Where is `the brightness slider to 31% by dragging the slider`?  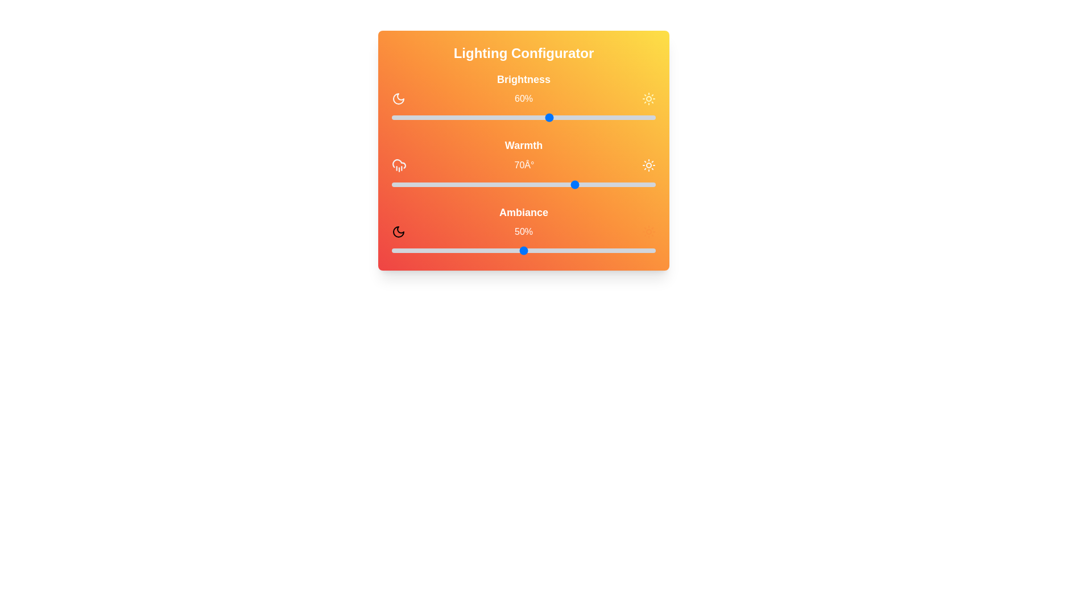
the brightness slider to 31% by dragging the slider is located at coordinates (473, 118).